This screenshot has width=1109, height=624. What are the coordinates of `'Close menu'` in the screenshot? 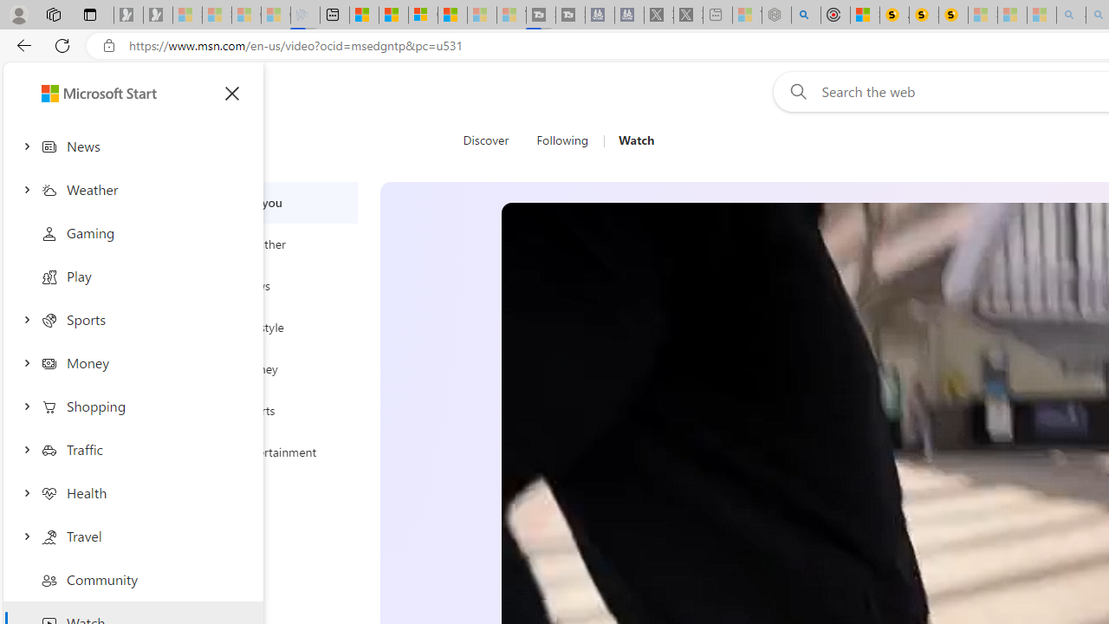 It's located at (231, 94).